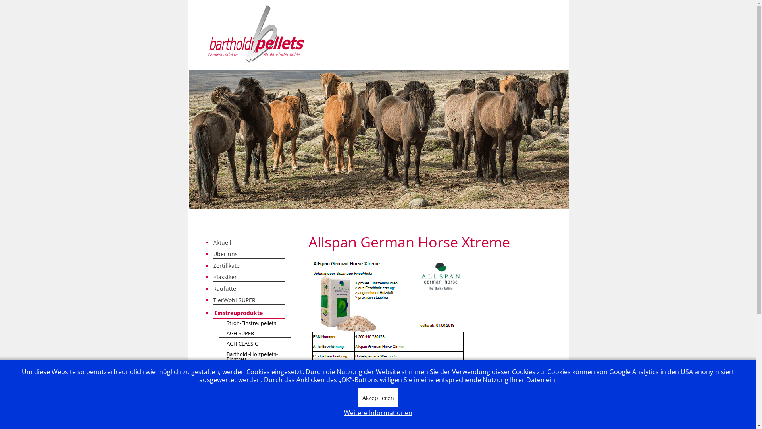  What do you see at coordinates (343, 412) in the screenshot?
I see `'Weitere Informationen'` at bounding box center [343, 412].